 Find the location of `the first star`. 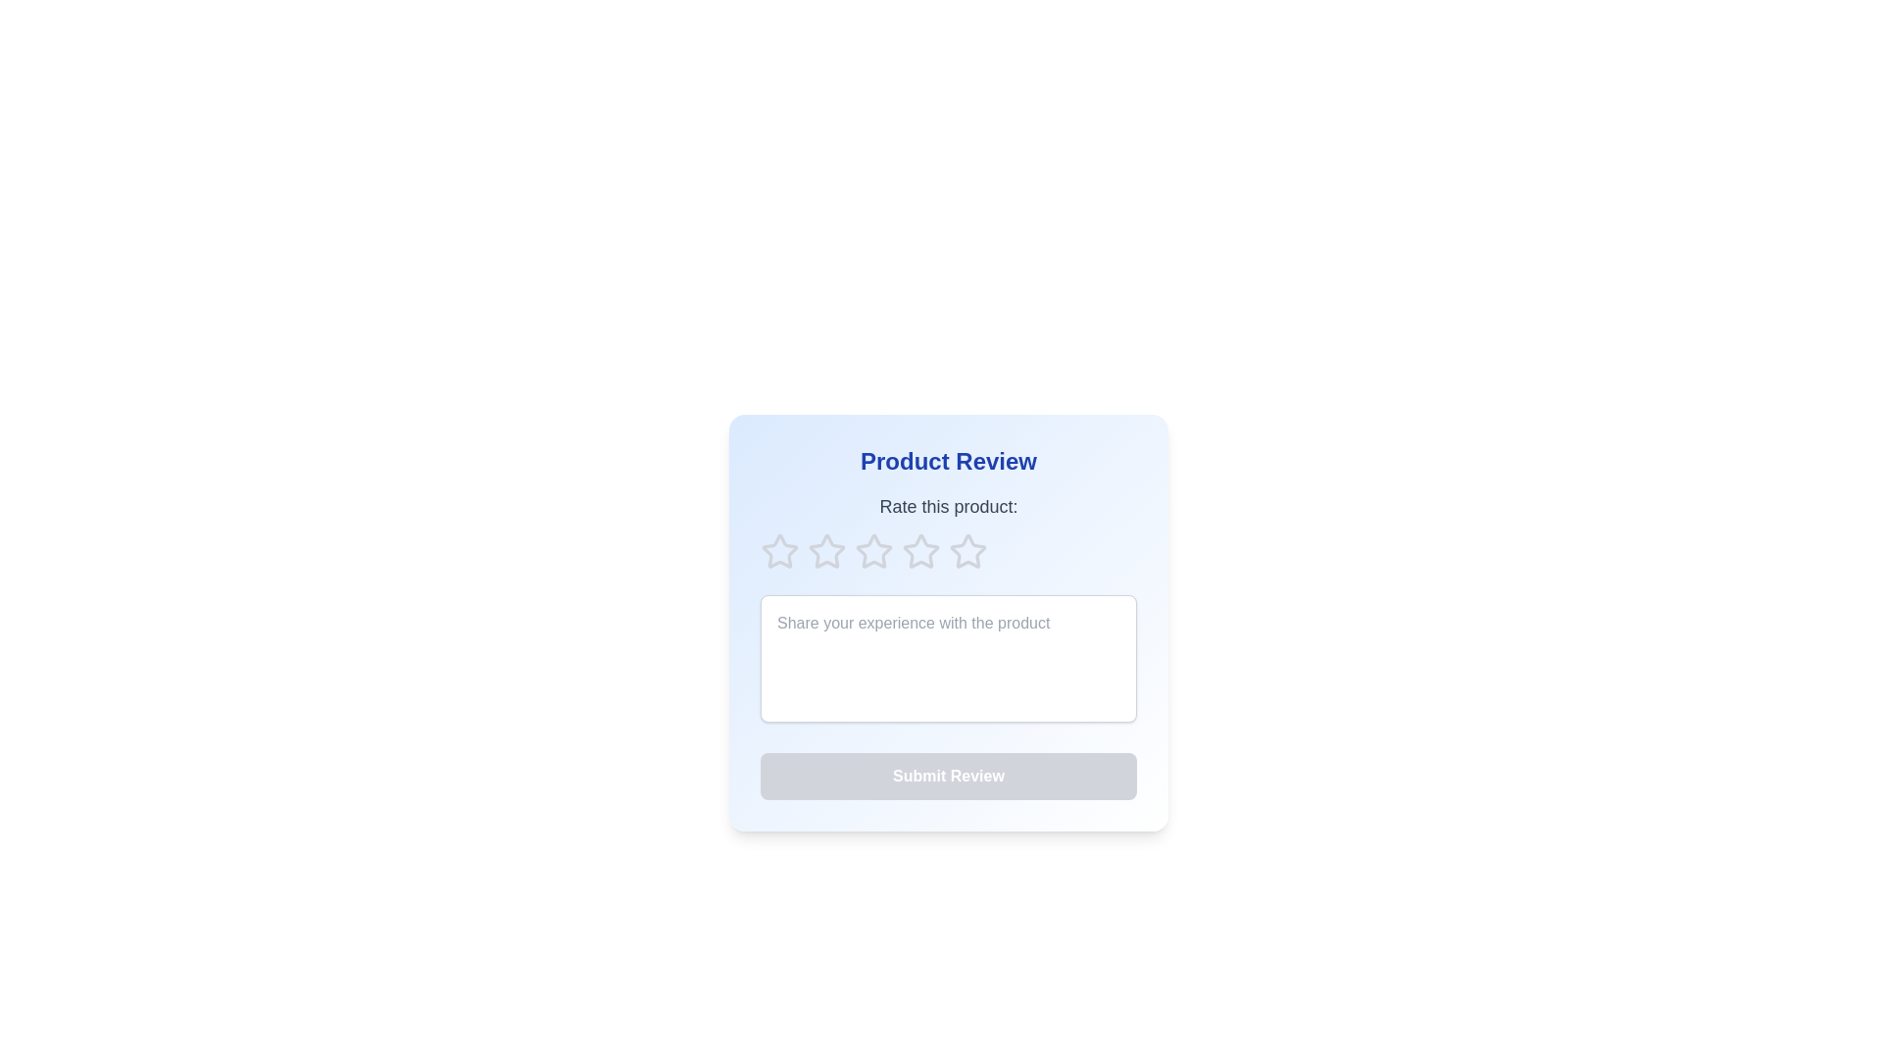

the first star is located at coordinates (827, 551).